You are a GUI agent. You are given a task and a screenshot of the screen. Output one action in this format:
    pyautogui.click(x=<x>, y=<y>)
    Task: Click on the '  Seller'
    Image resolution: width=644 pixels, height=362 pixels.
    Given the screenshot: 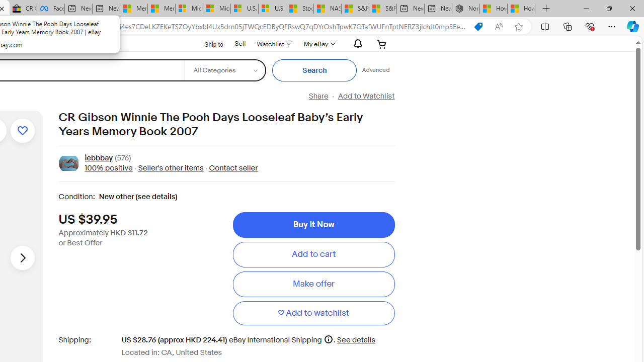 What is the action you would take?
    pyautogui.click(x=168, y=167)
    